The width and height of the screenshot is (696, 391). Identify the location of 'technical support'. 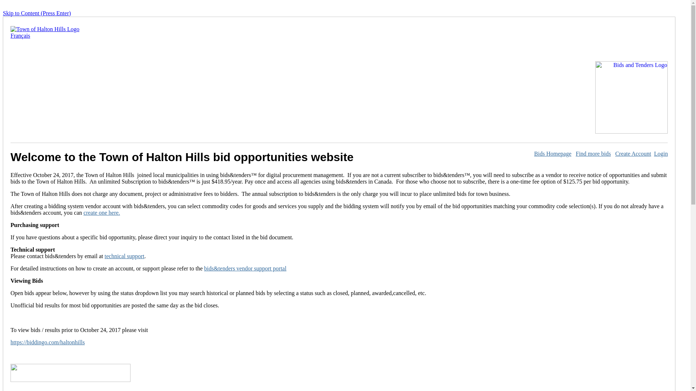
(124, 256).